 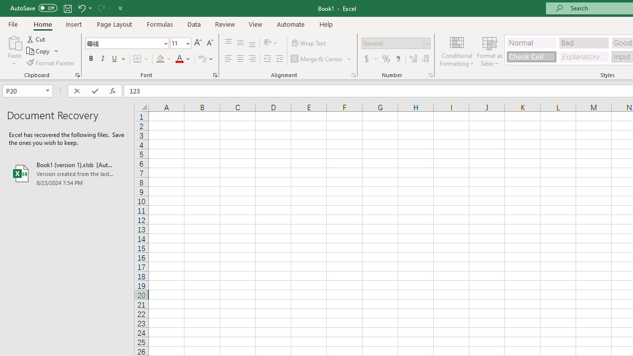 What do you see at coordinates (267, 59) in the screenshot?
I see `'Decrease Indent'` at bounding box center [267, 59].